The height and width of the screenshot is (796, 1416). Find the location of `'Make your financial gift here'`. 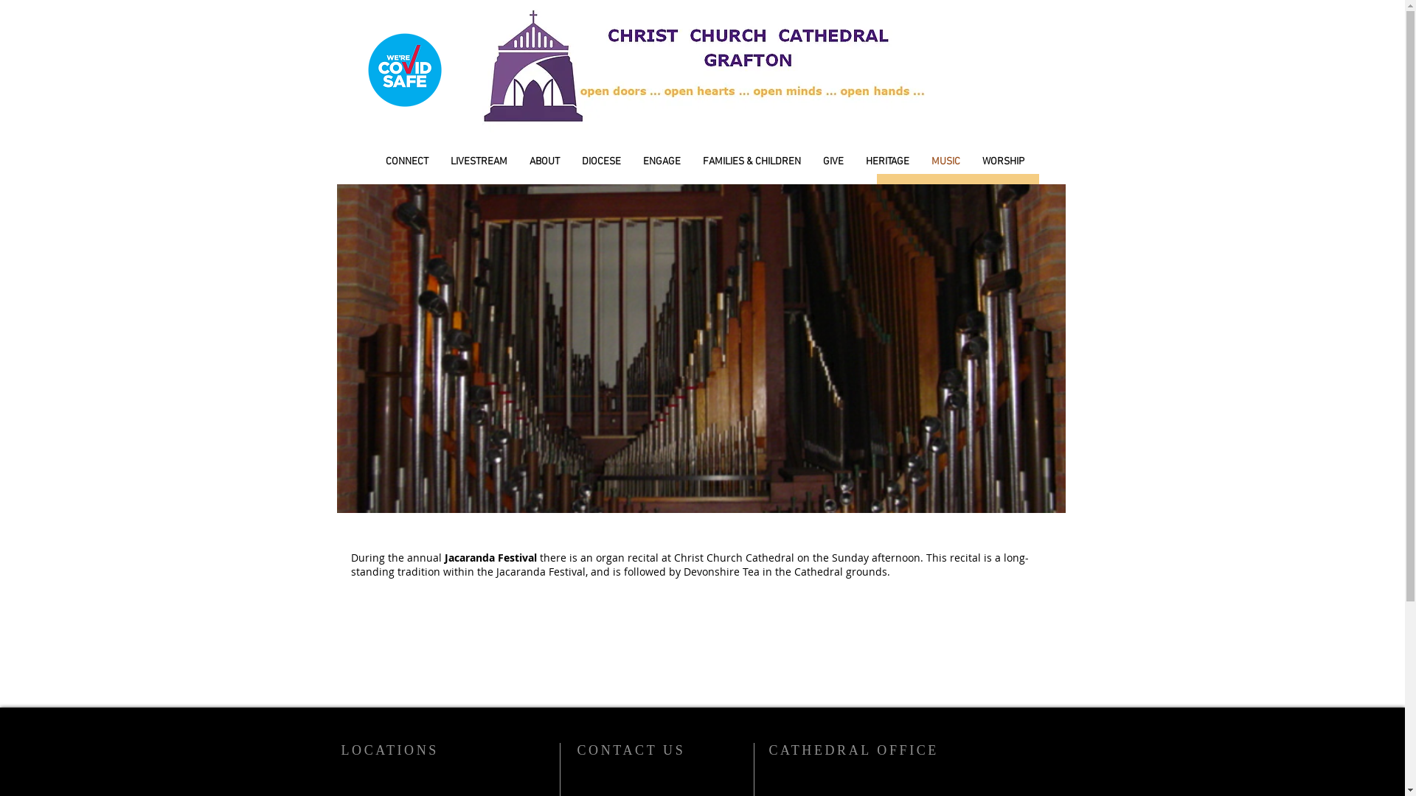

'Make your financial gift here' is located at coordinates (876, 189).